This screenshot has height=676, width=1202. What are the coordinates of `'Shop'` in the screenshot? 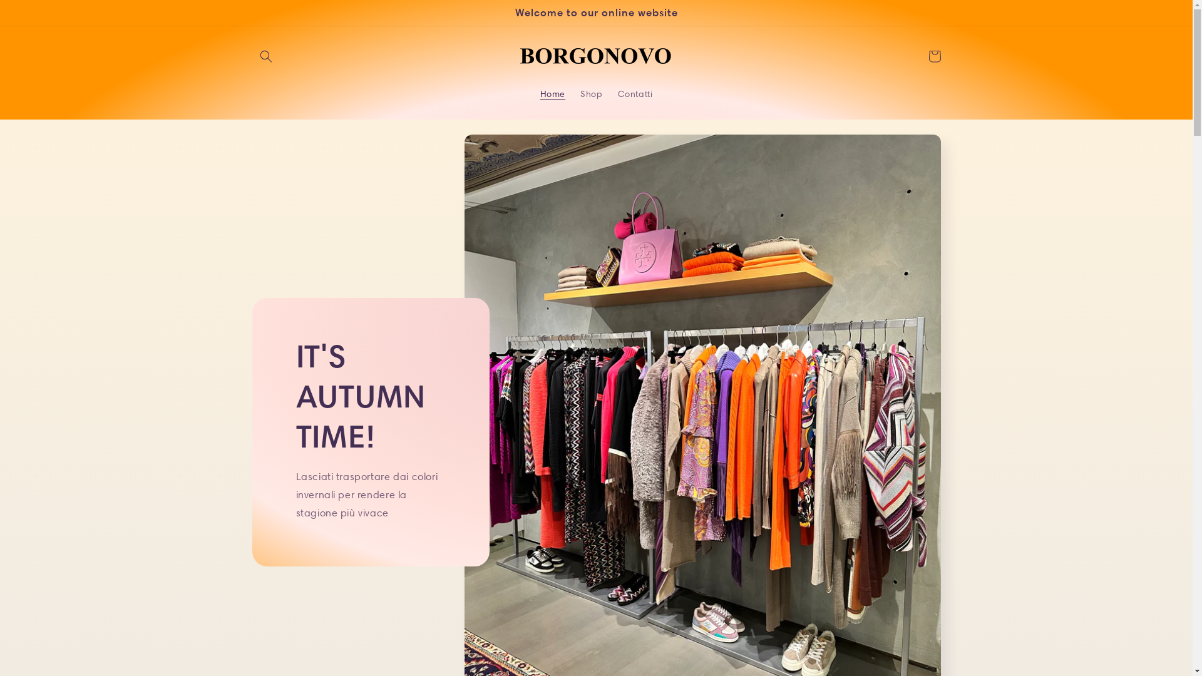 It's located at (590, 93).